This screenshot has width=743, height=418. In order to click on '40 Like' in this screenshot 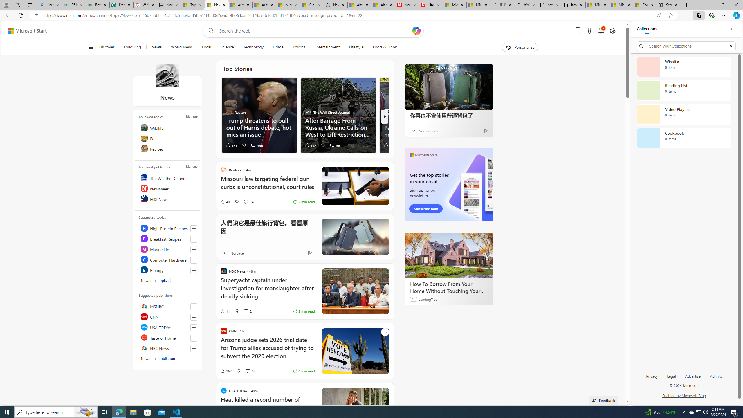, I will do `click(225, 201)`.